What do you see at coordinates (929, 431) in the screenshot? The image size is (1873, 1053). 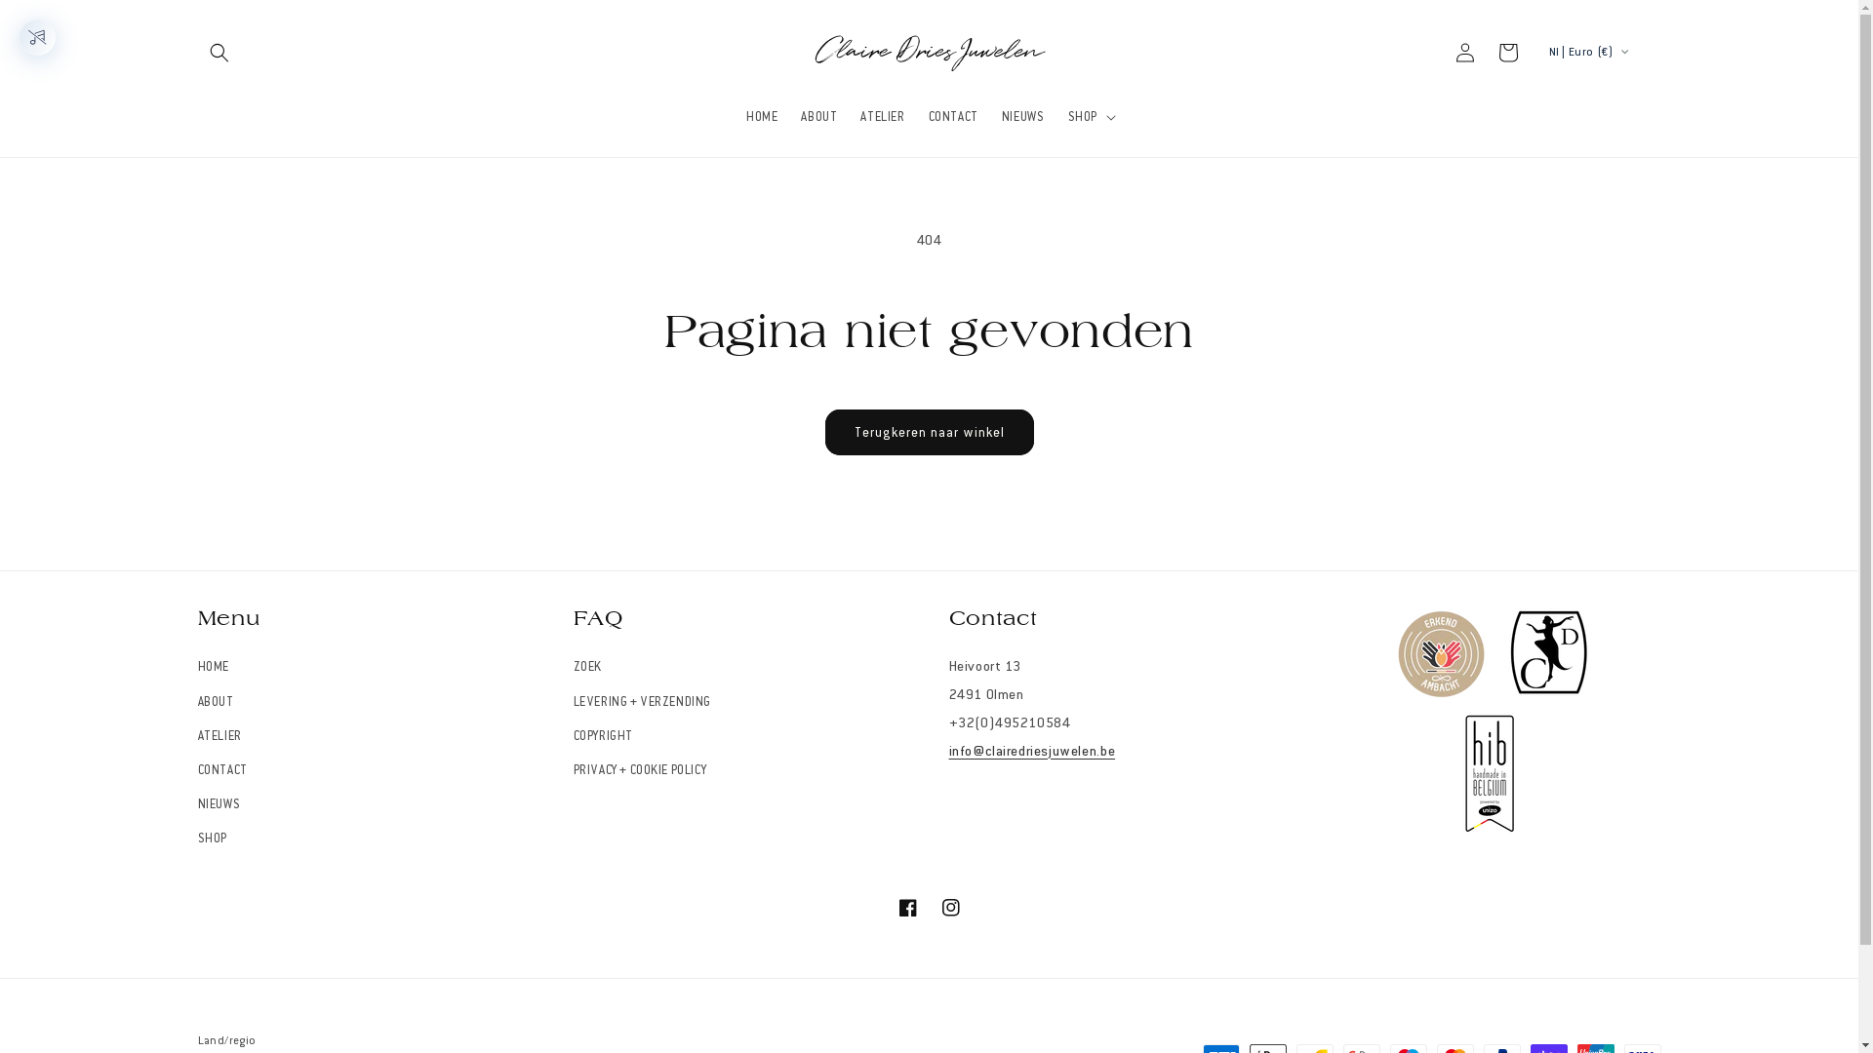 I see `'Terugkeren naar winkel'` at bounding box center [929, 431].